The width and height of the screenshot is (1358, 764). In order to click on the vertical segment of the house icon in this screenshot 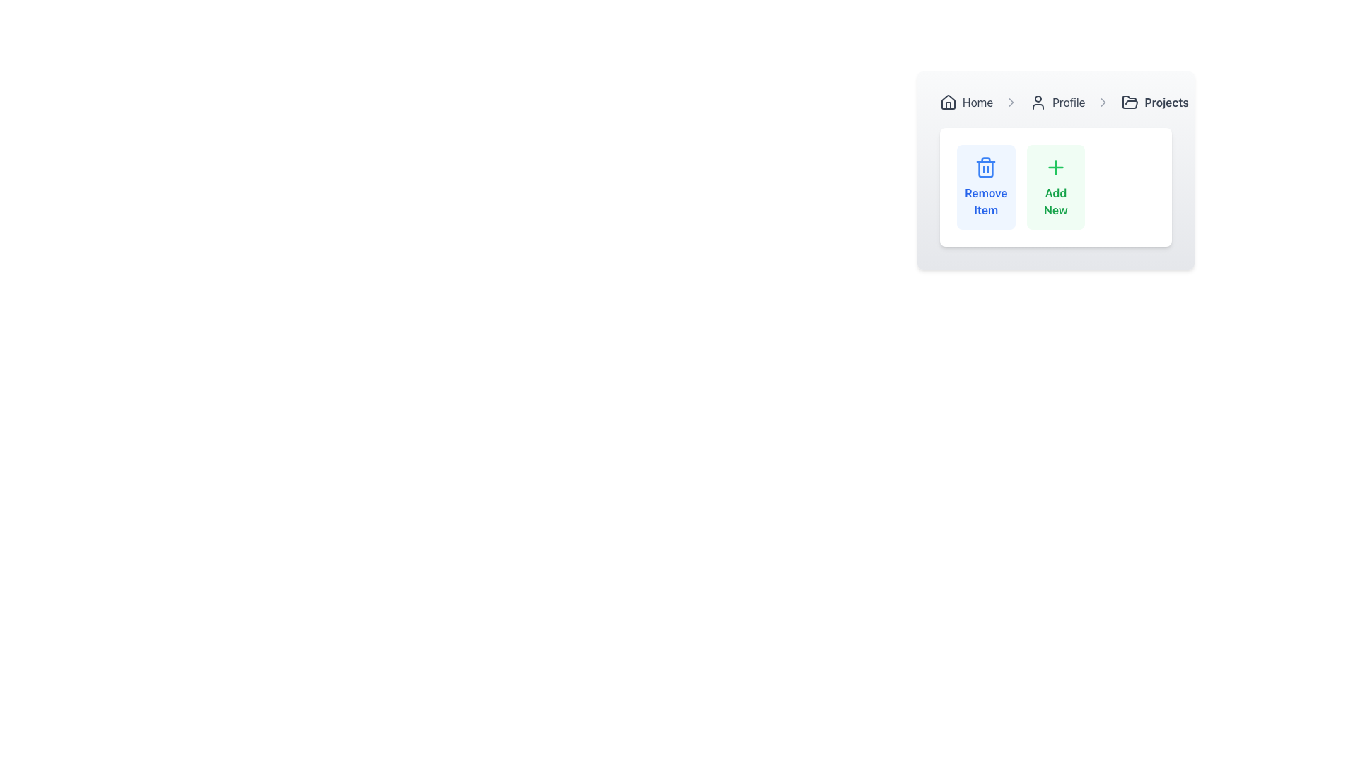, I will do `click(948, 105)`.